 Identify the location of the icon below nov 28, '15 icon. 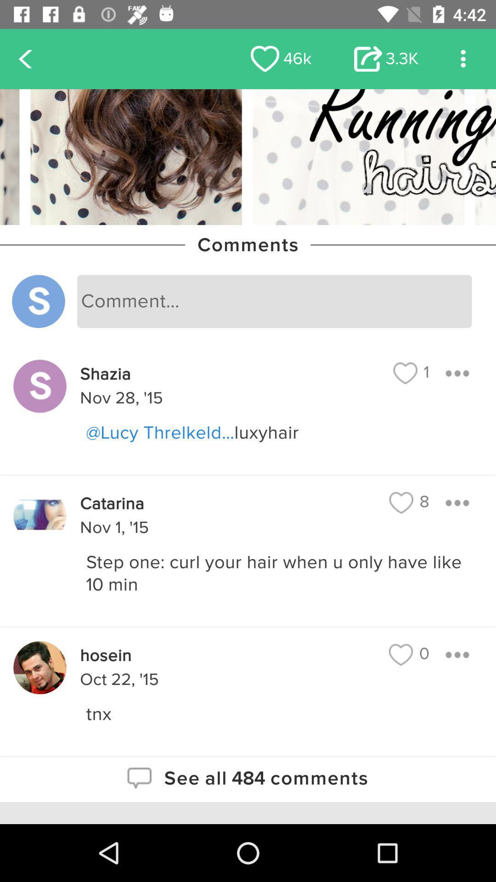
(281, 432).